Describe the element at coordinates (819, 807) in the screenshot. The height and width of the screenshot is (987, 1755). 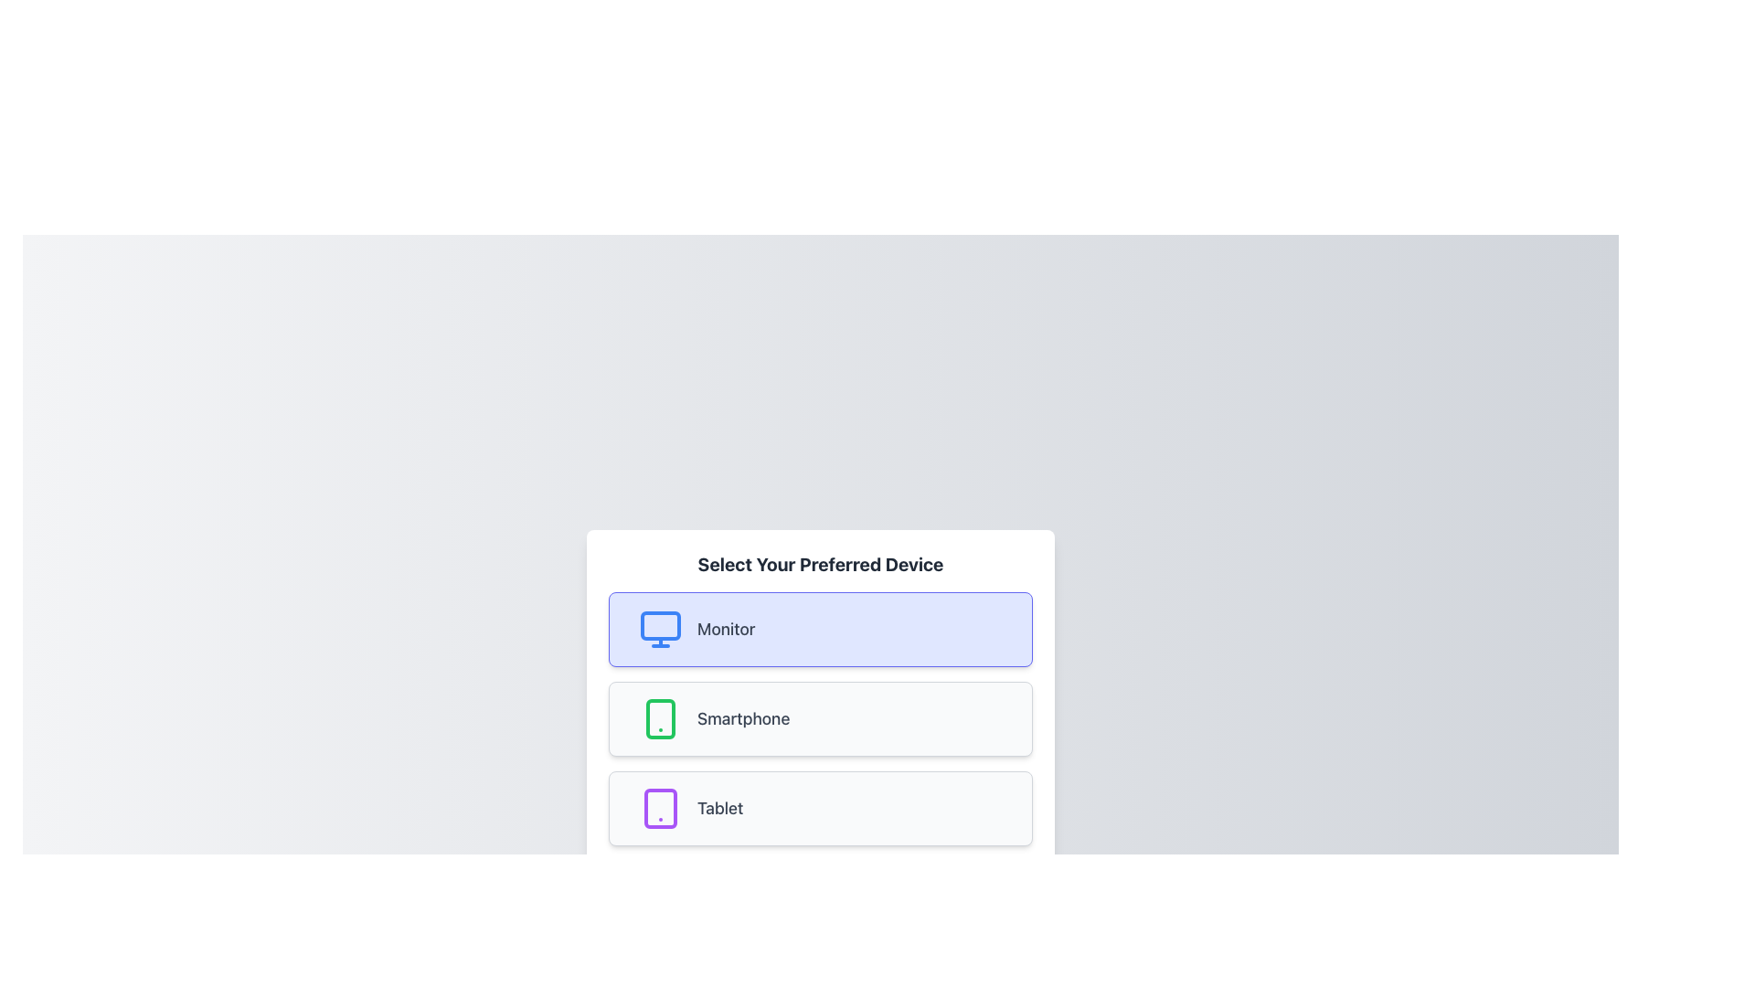
I see `the selectable option labeled 'Tablet', which is the third option in the group titled 'Select Your Preferred Device'` at that location.